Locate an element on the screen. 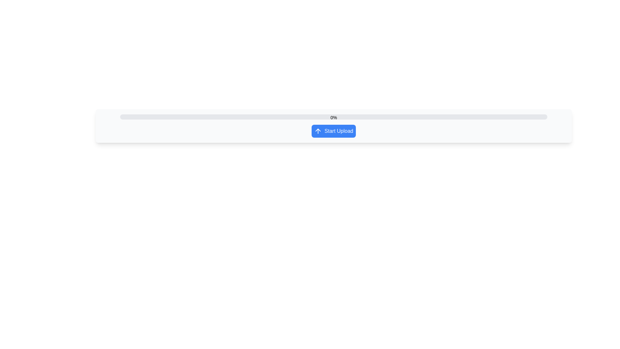 The height and width of the screenshot is (349, 620). the upload button located centrally below the progress bar displaying '0%' is located at coordinates (334, 131).